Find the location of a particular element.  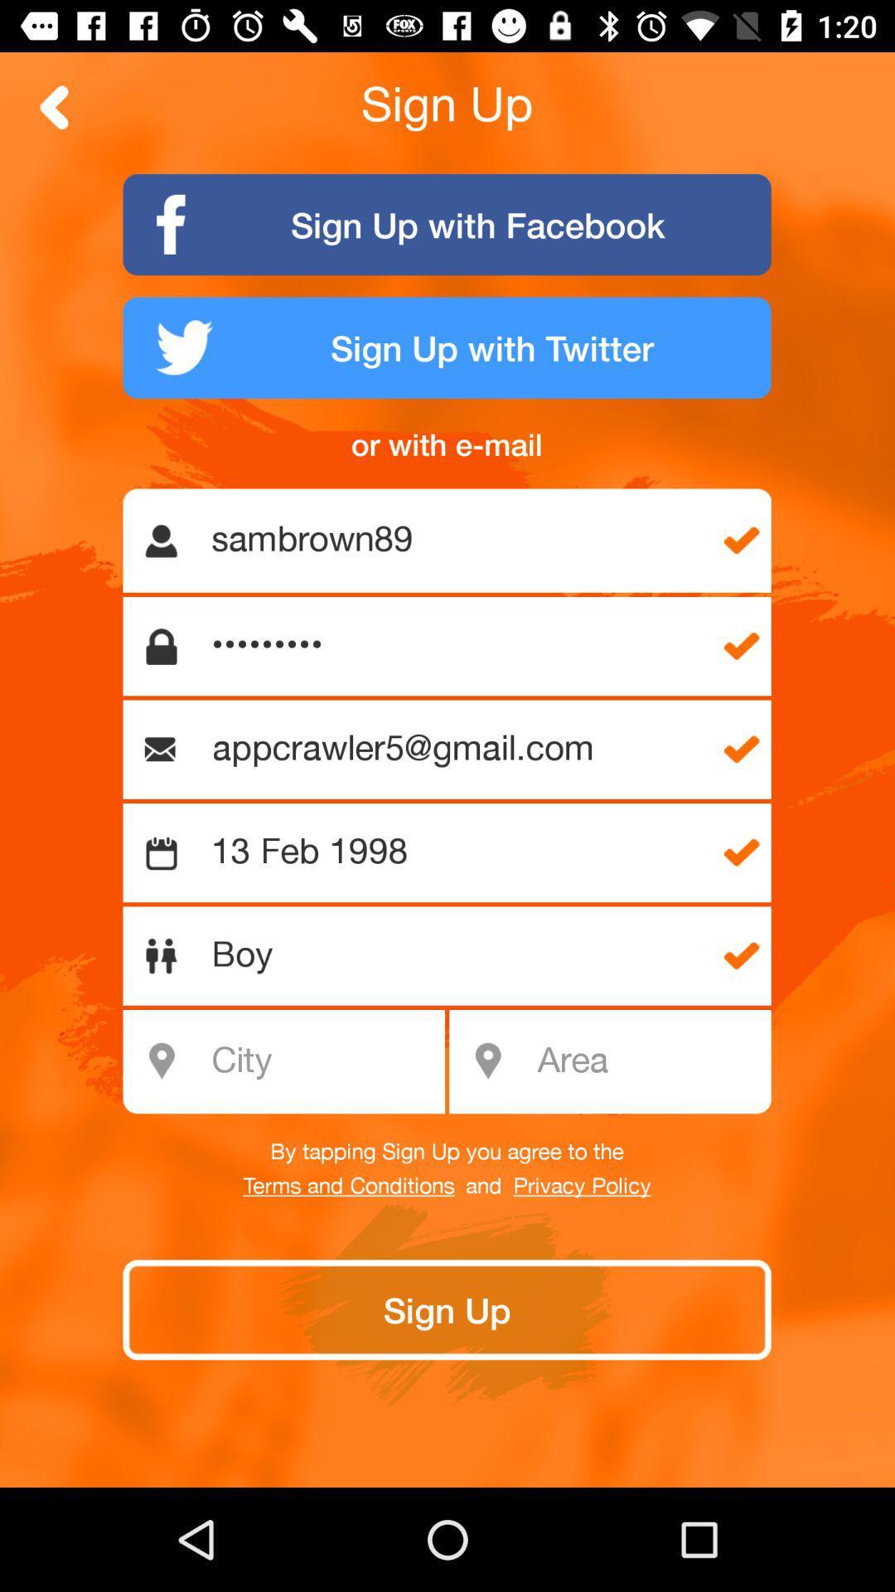

the item next to the and item is located at coordinates (348, 1186).